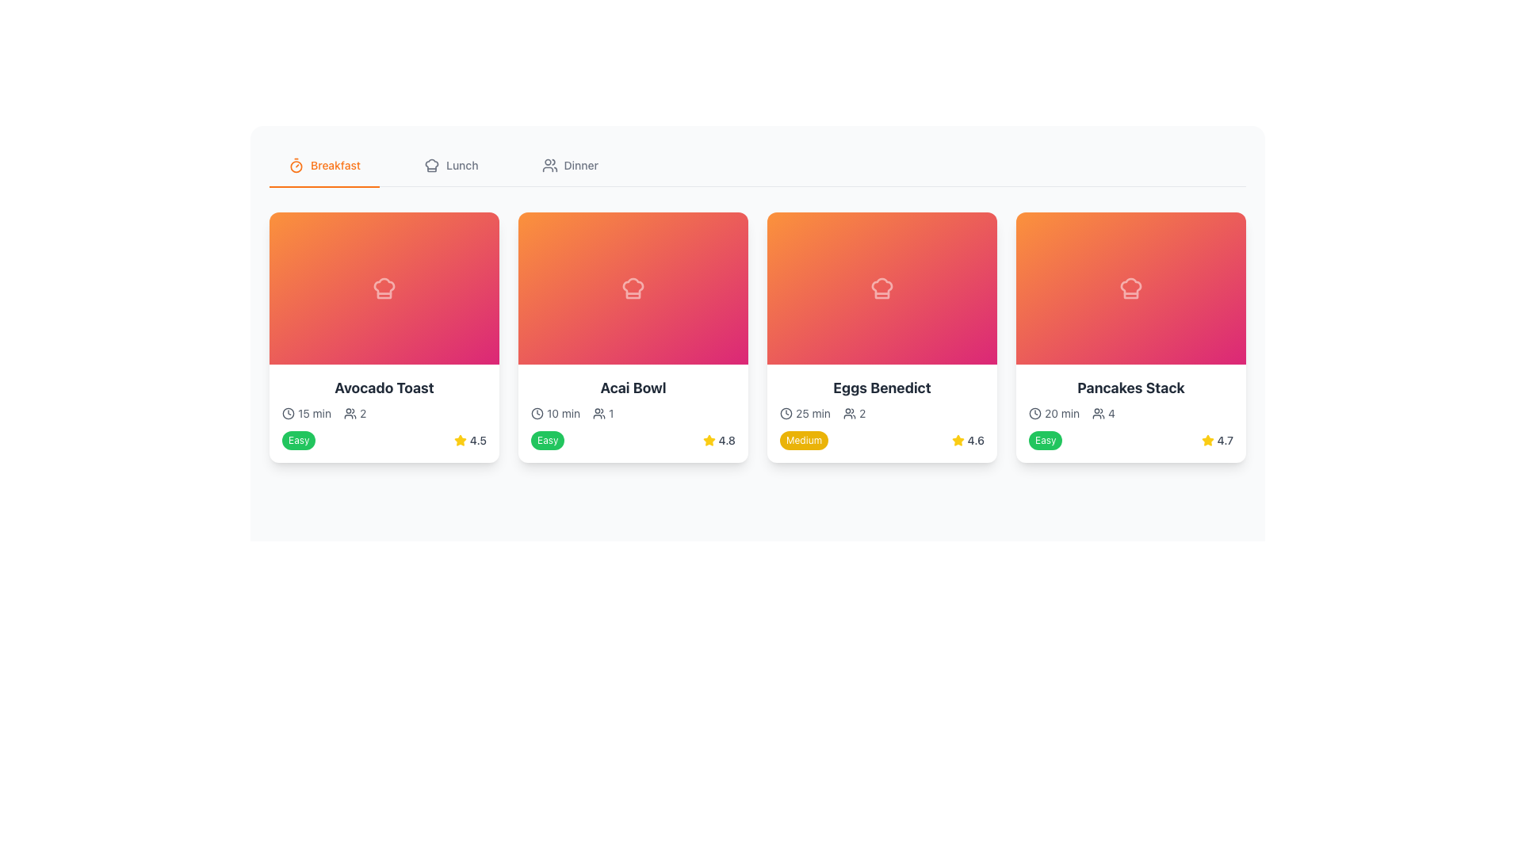  Describe the element at coordinates (726, 440) in the screenshot. I see `the text label displaying the rating '4.8' located in the lower right corner of the second recipe card for 'Acai Bowl', which is adjacent to a yellow star icon` at that location.